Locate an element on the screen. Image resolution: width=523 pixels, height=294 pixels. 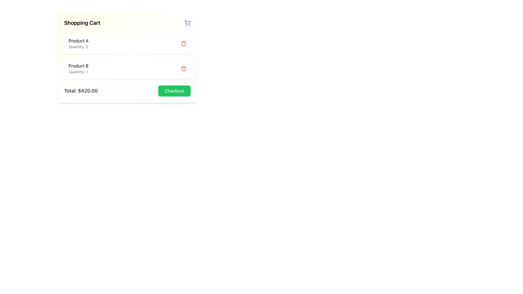
label displaying 'Product B' located in the cart summary interface, positioned above 'Quantity: 1' is located at coordinates (78, 66).